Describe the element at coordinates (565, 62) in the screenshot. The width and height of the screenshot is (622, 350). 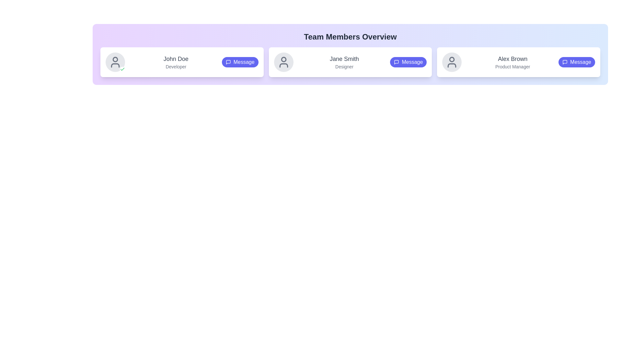
I see `the message bubble icon within the 'Message' button associated with 'Alex Brown' located in the fourth profile card on the rightmost side of the interface` at that location.